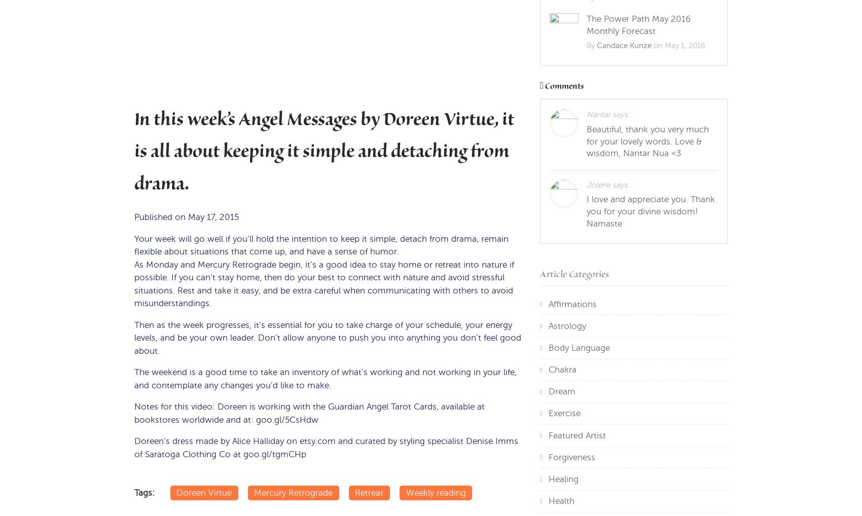 The height and width of the screenshot is (516, 862). I want to click on 'Astrology', so click(567, 325).